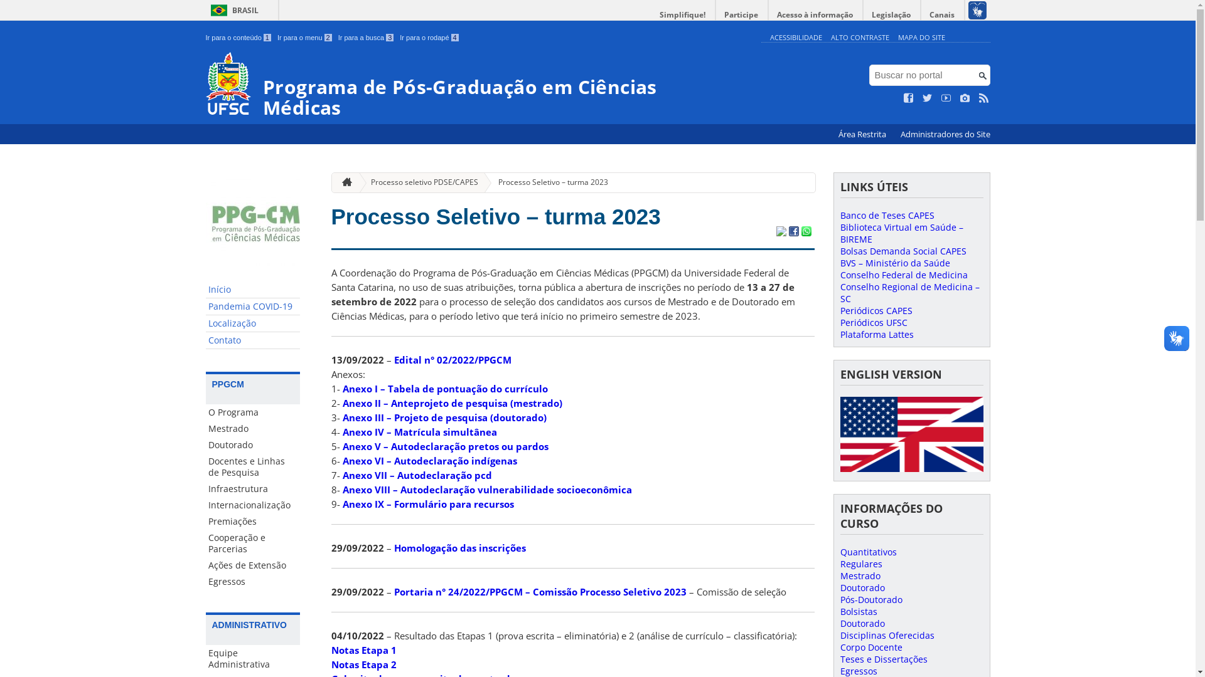 Image resolution: width=1205 pixels, height=677 pixels. What do you see at coordinates (365, 37) in the screenshot?
I see `'Ir para a busca 3'` at bounding box center [365, 37].